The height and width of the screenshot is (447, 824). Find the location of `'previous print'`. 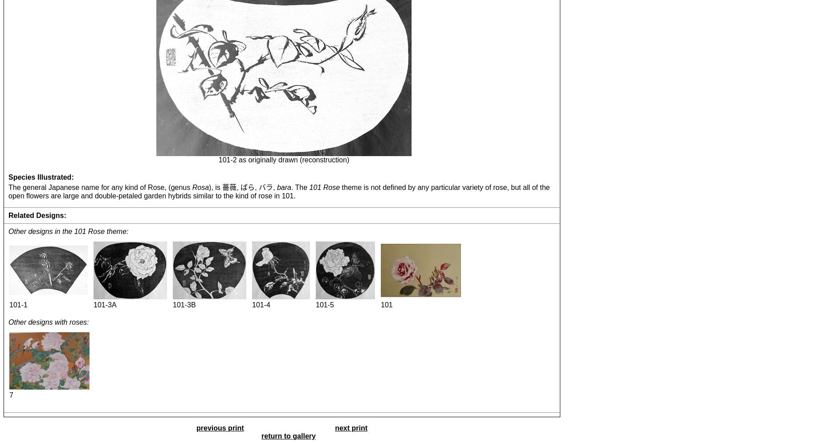

'previous print' is located at coordinates (220, 427).